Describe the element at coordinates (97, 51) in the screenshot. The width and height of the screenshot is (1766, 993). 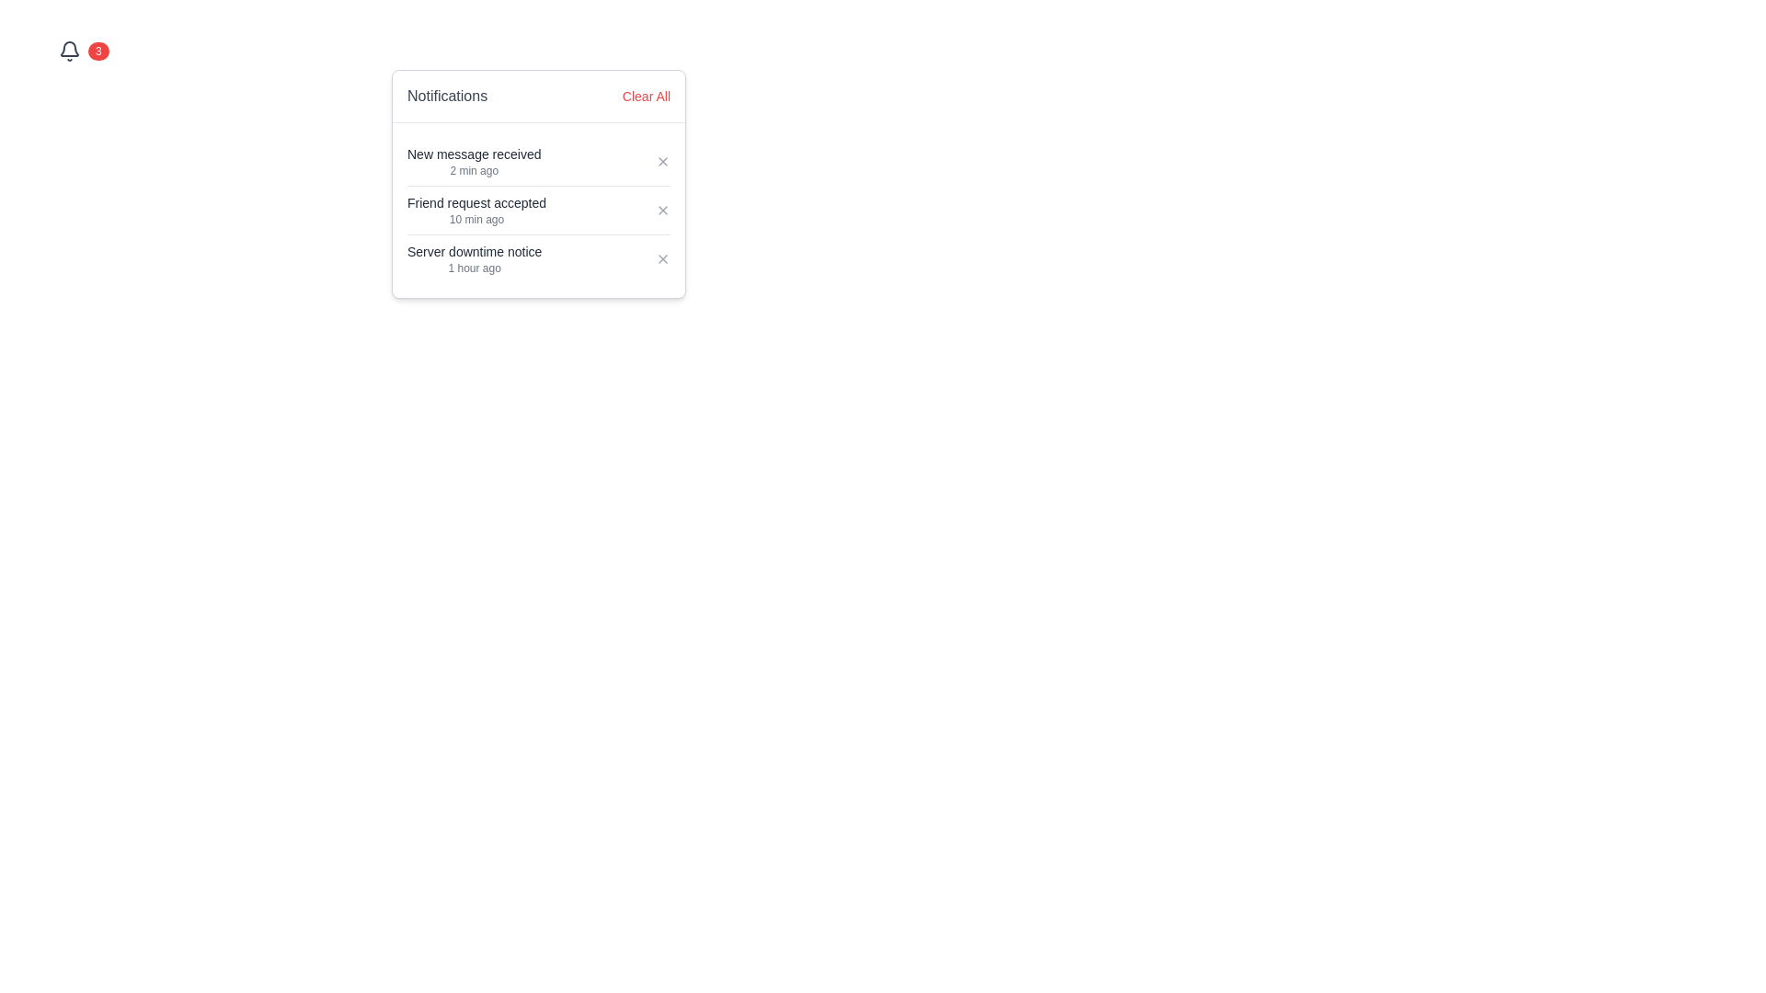
I see `the circular notification badge with a red background and the number '3', located at the top-right of the interface adjacent to the bell icon` at that location.